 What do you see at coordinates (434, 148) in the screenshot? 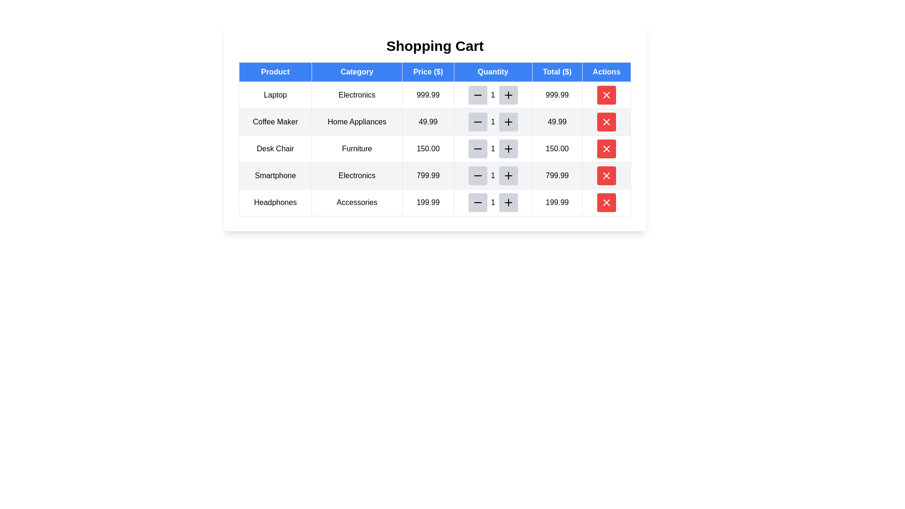
I see `the third row in the shopping cart table, which represents the product 'Desk Chair' and includes details like category, unit price, quantity, total price, and an option to remove it` at bounding box center [434, 148].